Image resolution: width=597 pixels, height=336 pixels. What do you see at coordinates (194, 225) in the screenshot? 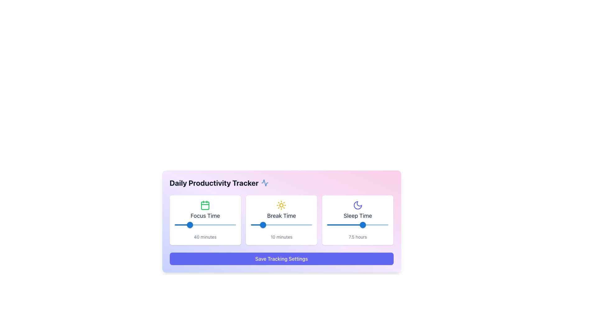
I see `the focus time` at bounding box center [194, 225].